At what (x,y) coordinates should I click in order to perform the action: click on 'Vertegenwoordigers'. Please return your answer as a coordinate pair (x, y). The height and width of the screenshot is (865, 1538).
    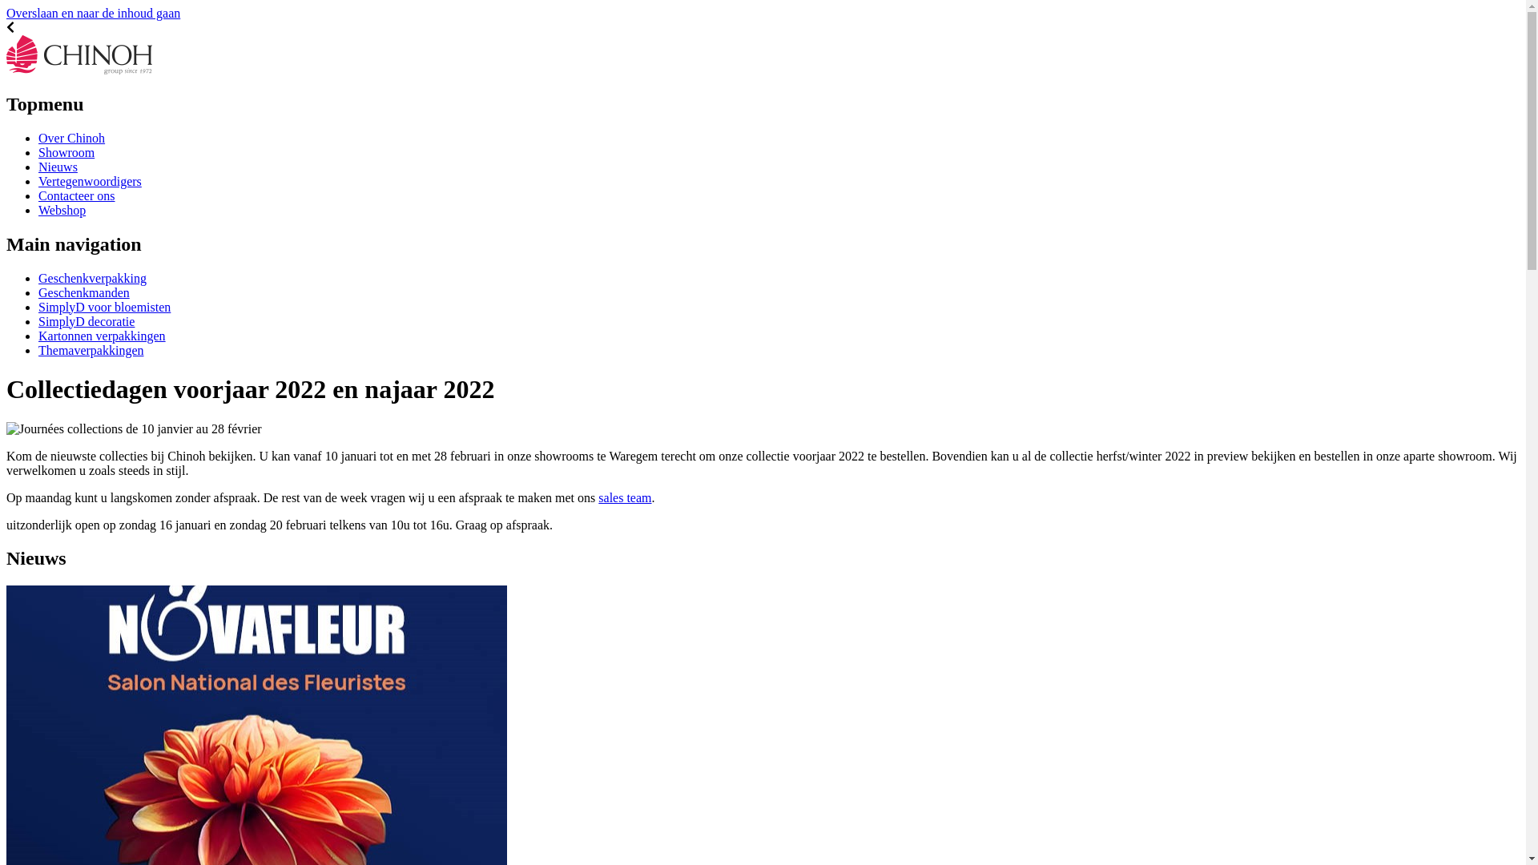
    Looking at the image, I should click on (89, 180).